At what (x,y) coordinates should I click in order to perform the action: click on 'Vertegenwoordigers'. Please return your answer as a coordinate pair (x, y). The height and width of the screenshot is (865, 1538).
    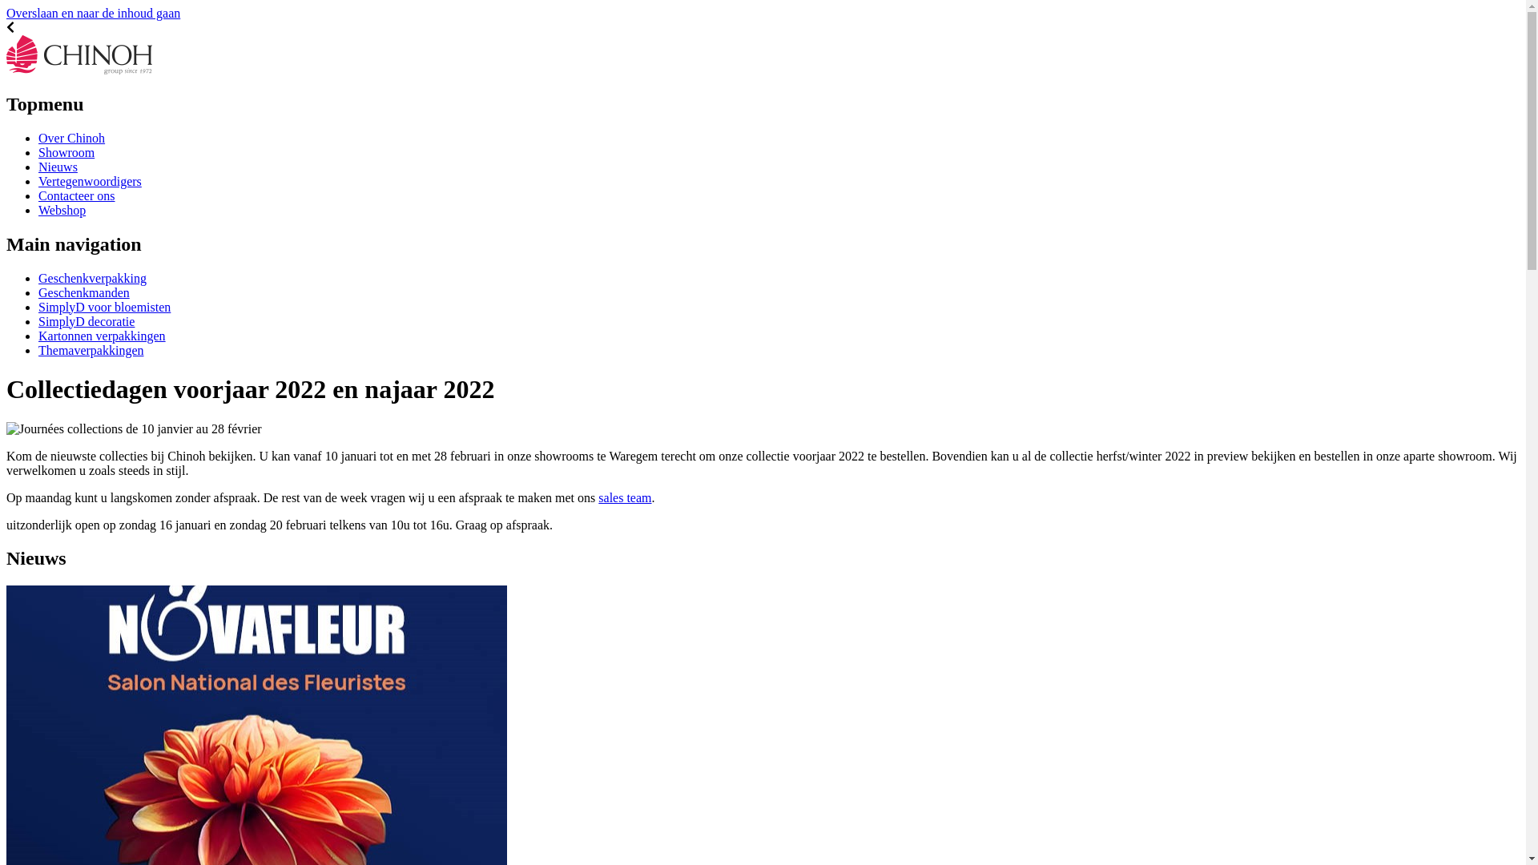
    Looking at the image, I should click on (89, 180).